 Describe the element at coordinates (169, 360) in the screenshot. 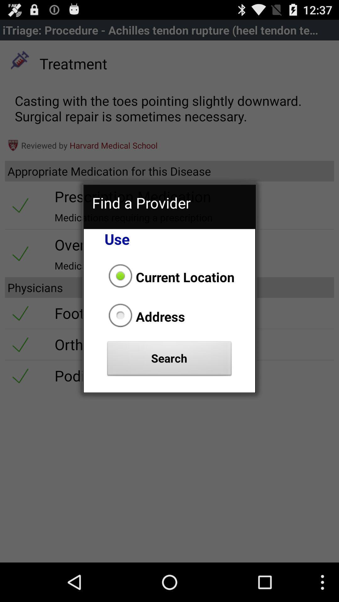

I see `the search item` at that location.